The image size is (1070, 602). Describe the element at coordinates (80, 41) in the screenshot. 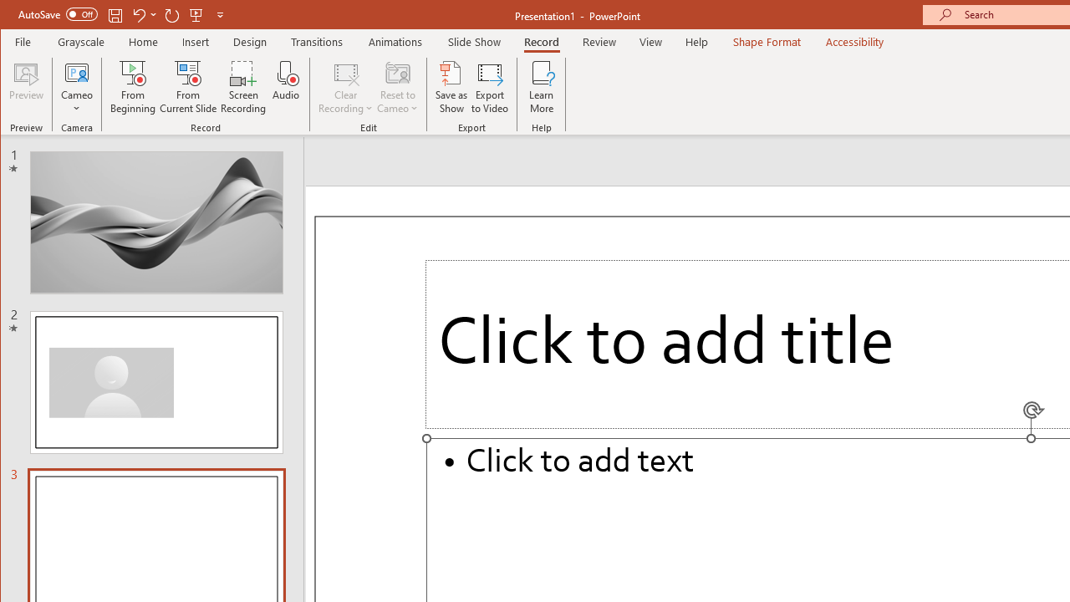

I see `'Grayscale'` at that location.